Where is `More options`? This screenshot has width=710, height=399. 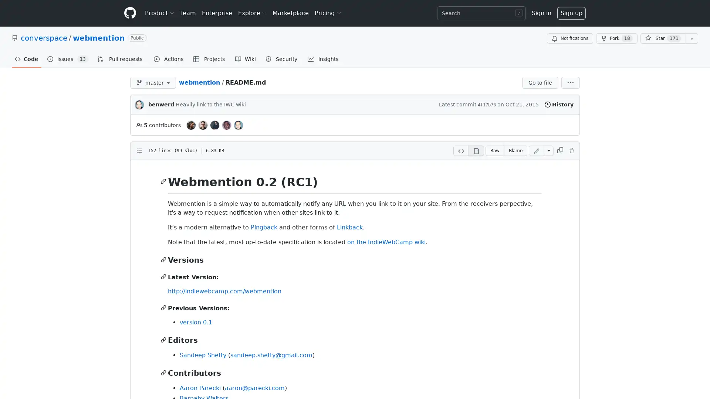
More options is located at coordinates (570, 82).